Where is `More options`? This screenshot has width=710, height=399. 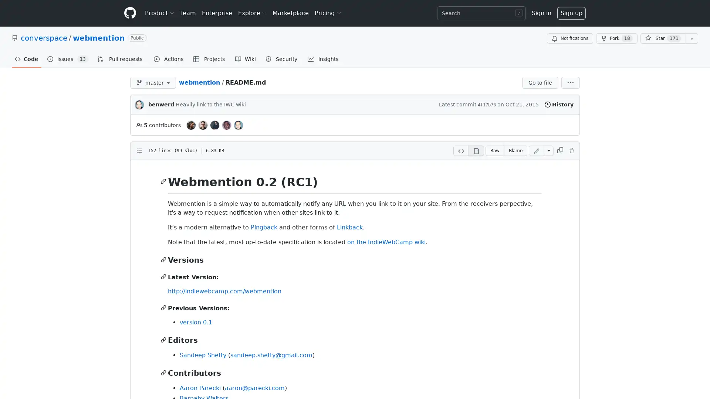
More options is located at coordinates (570, 82).